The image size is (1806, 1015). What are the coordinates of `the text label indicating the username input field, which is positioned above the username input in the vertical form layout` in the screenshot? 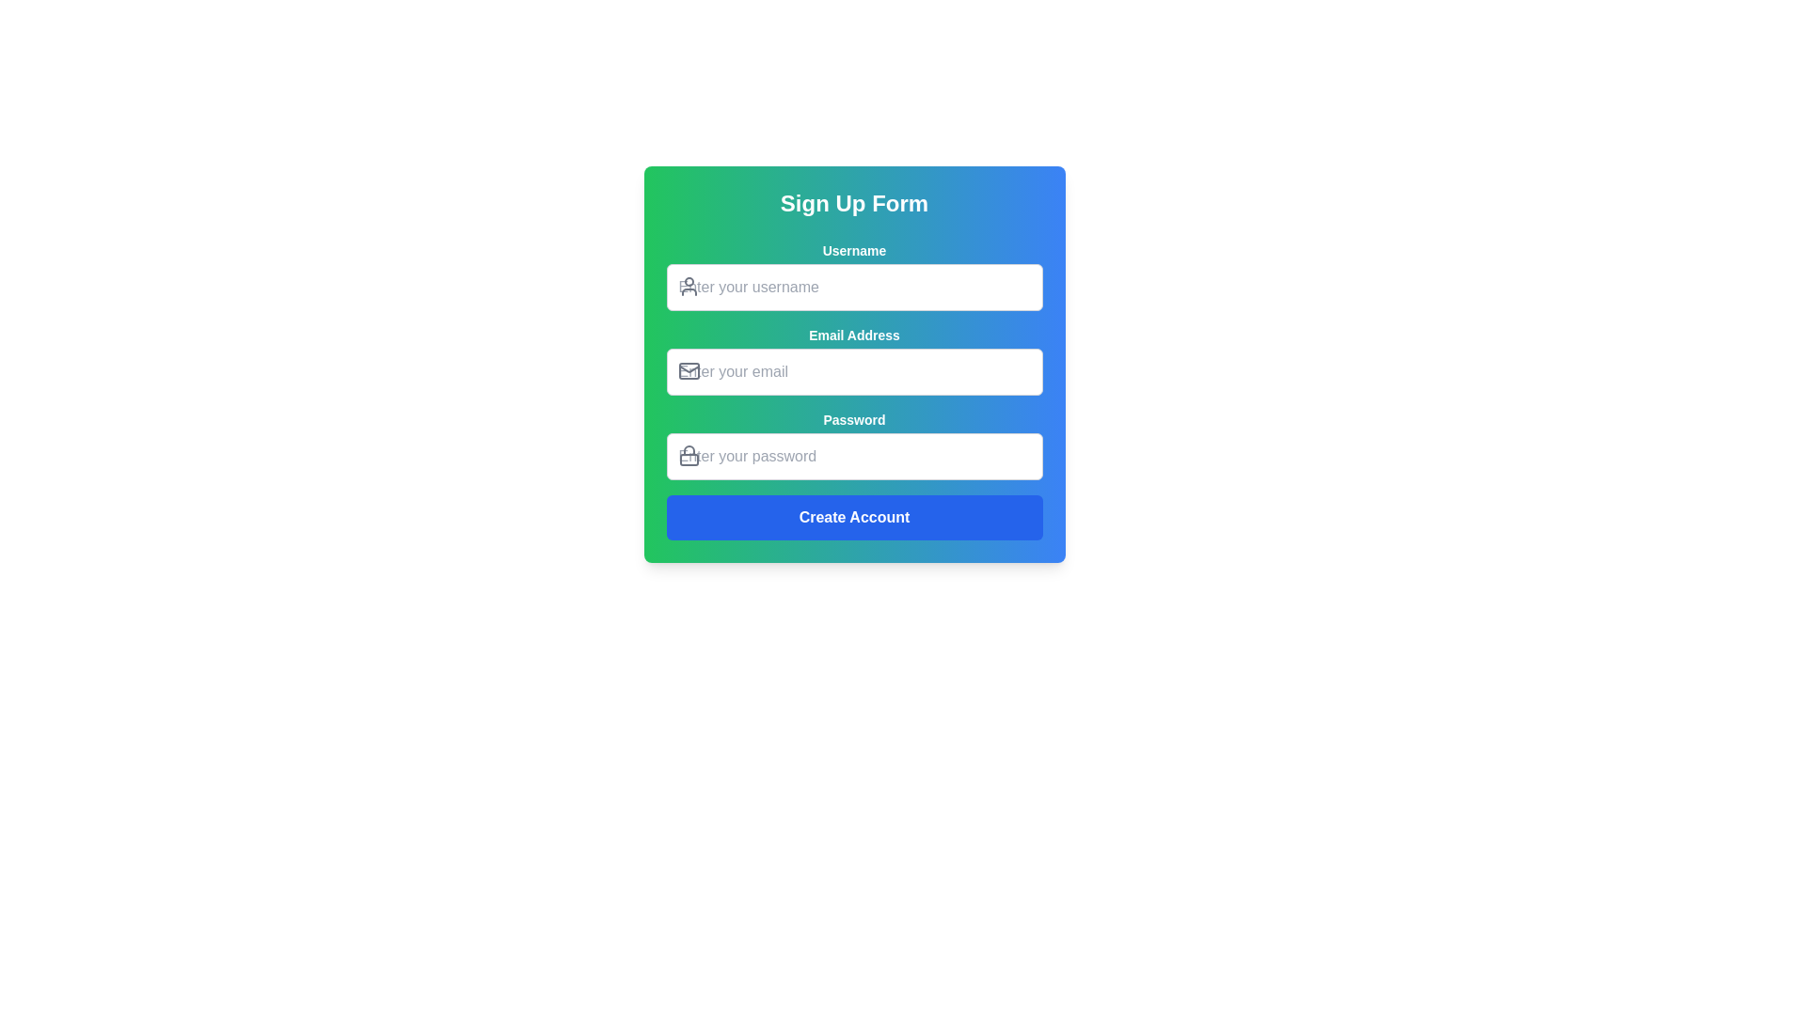 It's located at (853, 249).